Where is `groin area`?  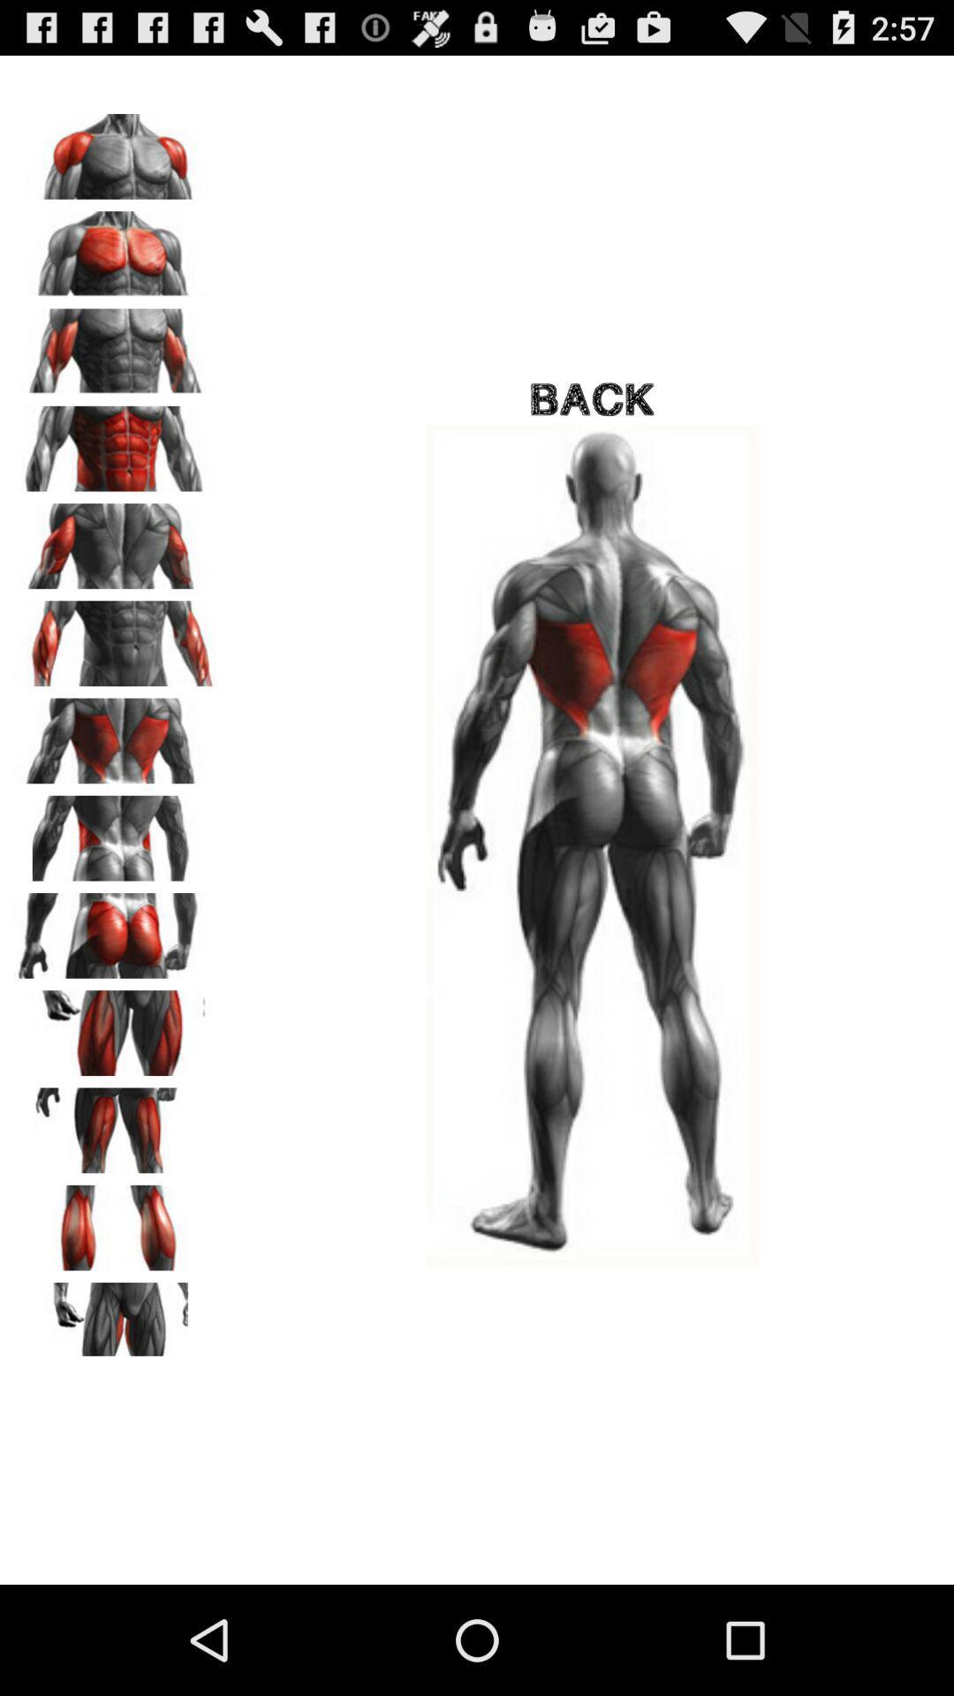 groin area is located at coordinates (116, 1319).